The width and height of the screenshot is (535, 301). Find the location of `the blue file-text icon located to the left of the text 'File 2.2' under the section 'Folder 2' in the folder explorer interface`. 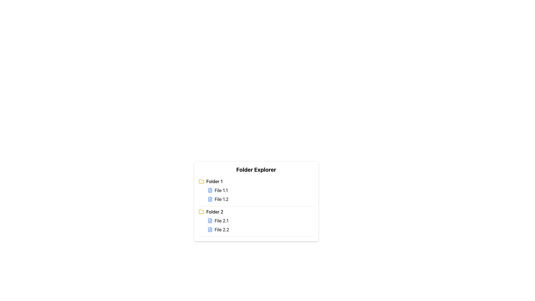

the blue file-text icon located to the left of the text 'File 2.2' under the section 'Folder 2' in the folder explorer interface is located at coordinates (210, 230).